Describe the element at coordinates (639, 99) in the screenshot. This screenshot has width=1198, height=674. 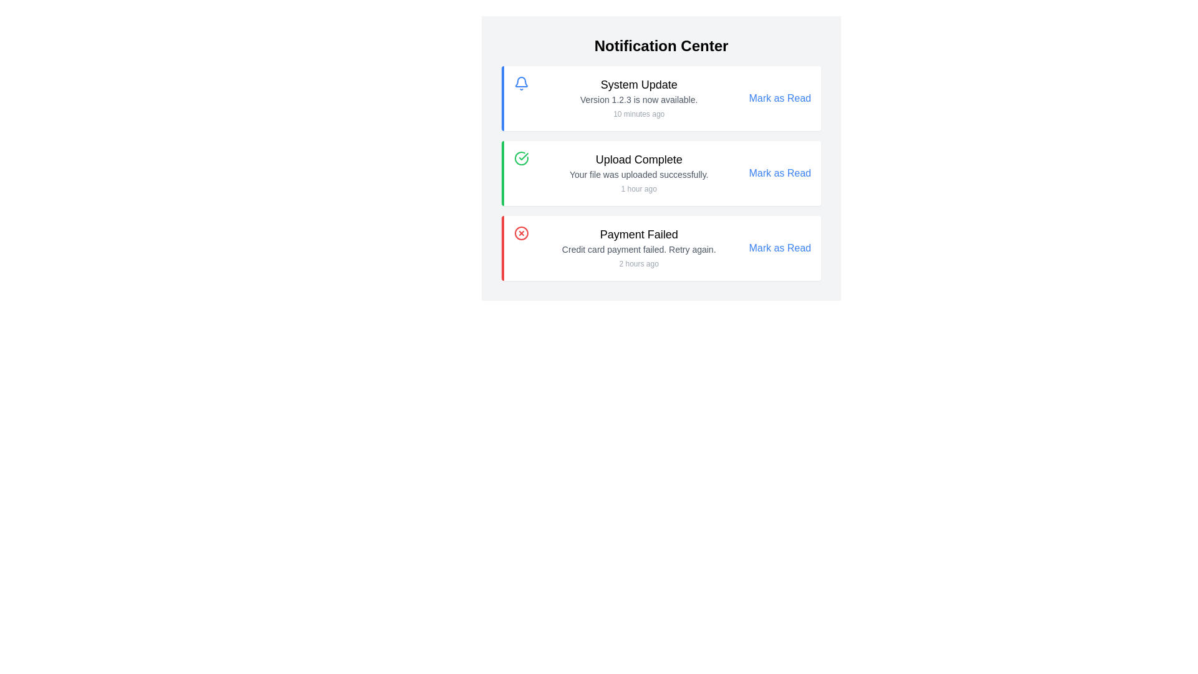
I see `the static text display that shows the notification message 'Version 1.2.3 is now available.' located below the title 'System Update' and above the timestamp '10 minutes ago'` at that location.